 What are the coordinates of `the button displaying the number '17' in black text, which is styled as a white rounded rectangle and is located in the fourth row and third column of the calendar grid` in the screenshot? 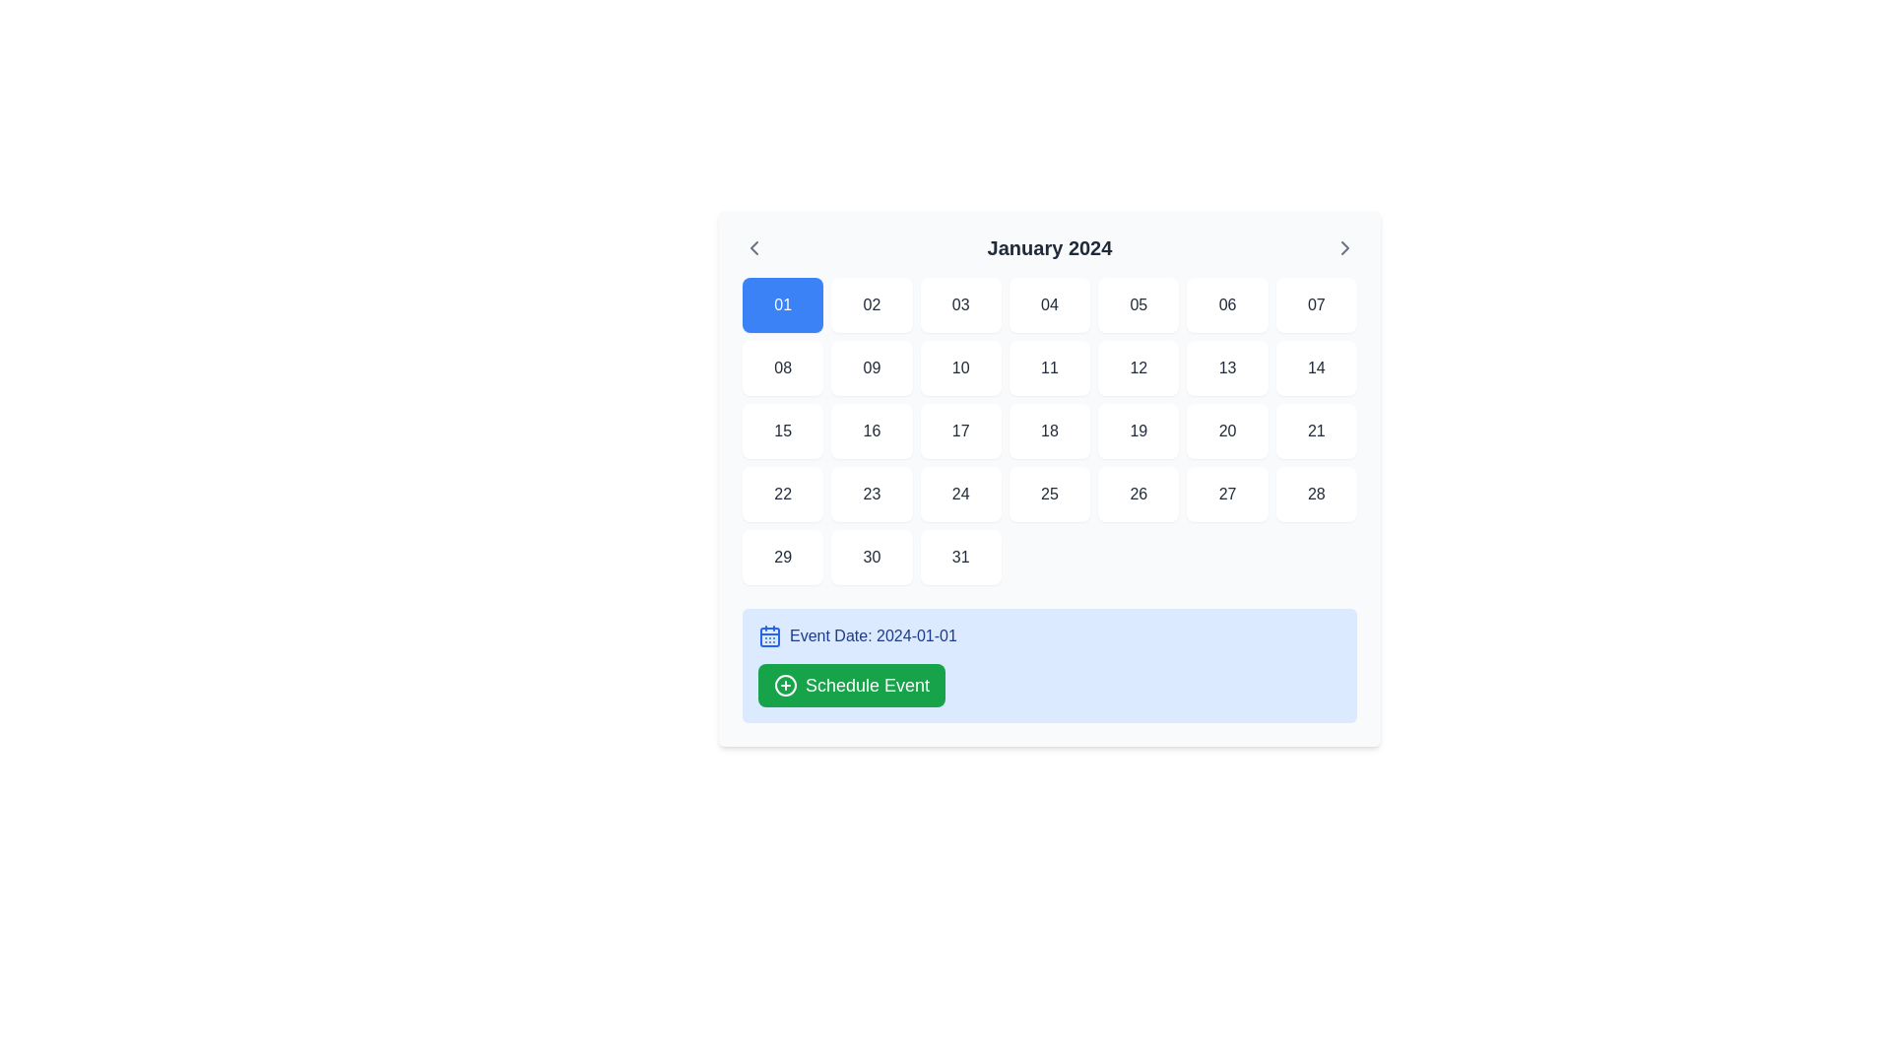 It's located at (960, 431).